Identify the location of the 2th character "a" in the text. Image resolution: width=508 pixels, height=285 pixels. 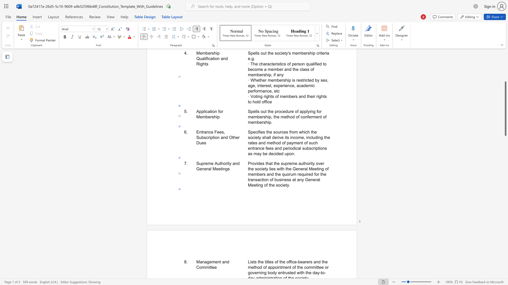
(205, 262).